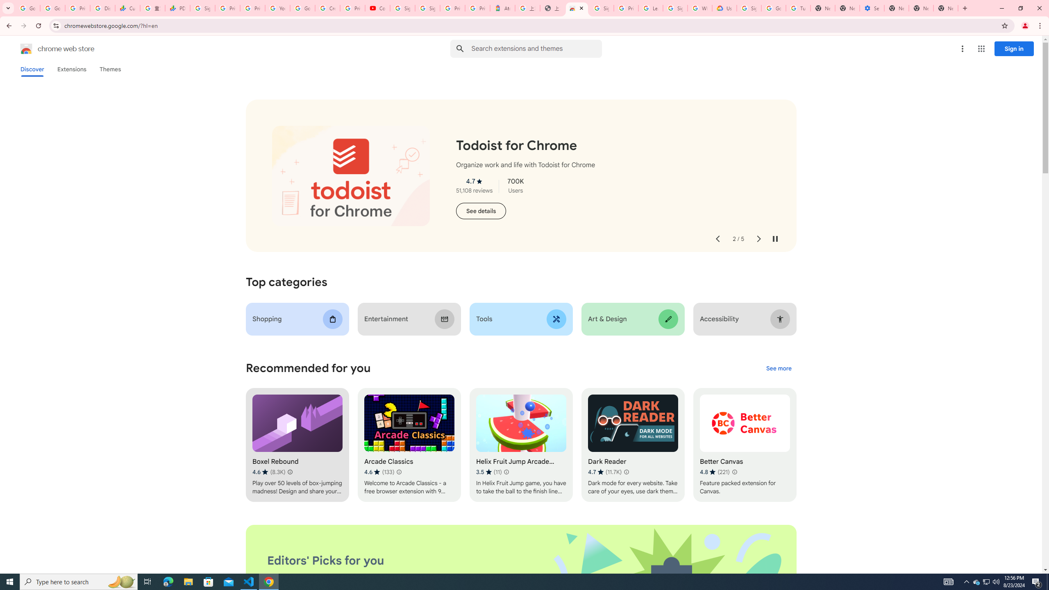 Image resolution: width=1049 pixels, height=590 pixels. Describe the element at coordinates (715, 472) in the screenshot. I see `'Average rating 4.8 out of 5 stars. 221 ratings.'` at that location.